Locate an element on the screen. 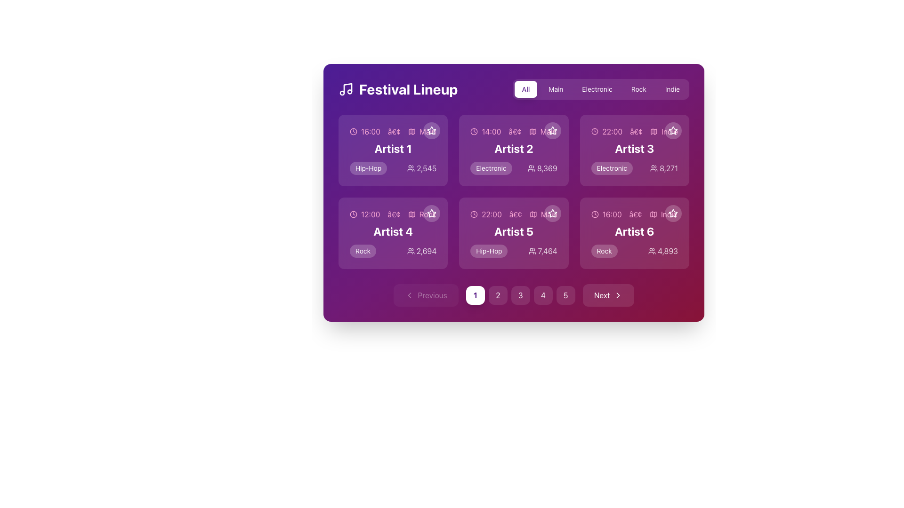 This screenshot has width=904, height=508. the star-shaped icon used for marking an artist or item as a favorite, located in the top-right corner of the 'Artist 5' card in the second row, second column of the grid is located at coordinates (552, 213).